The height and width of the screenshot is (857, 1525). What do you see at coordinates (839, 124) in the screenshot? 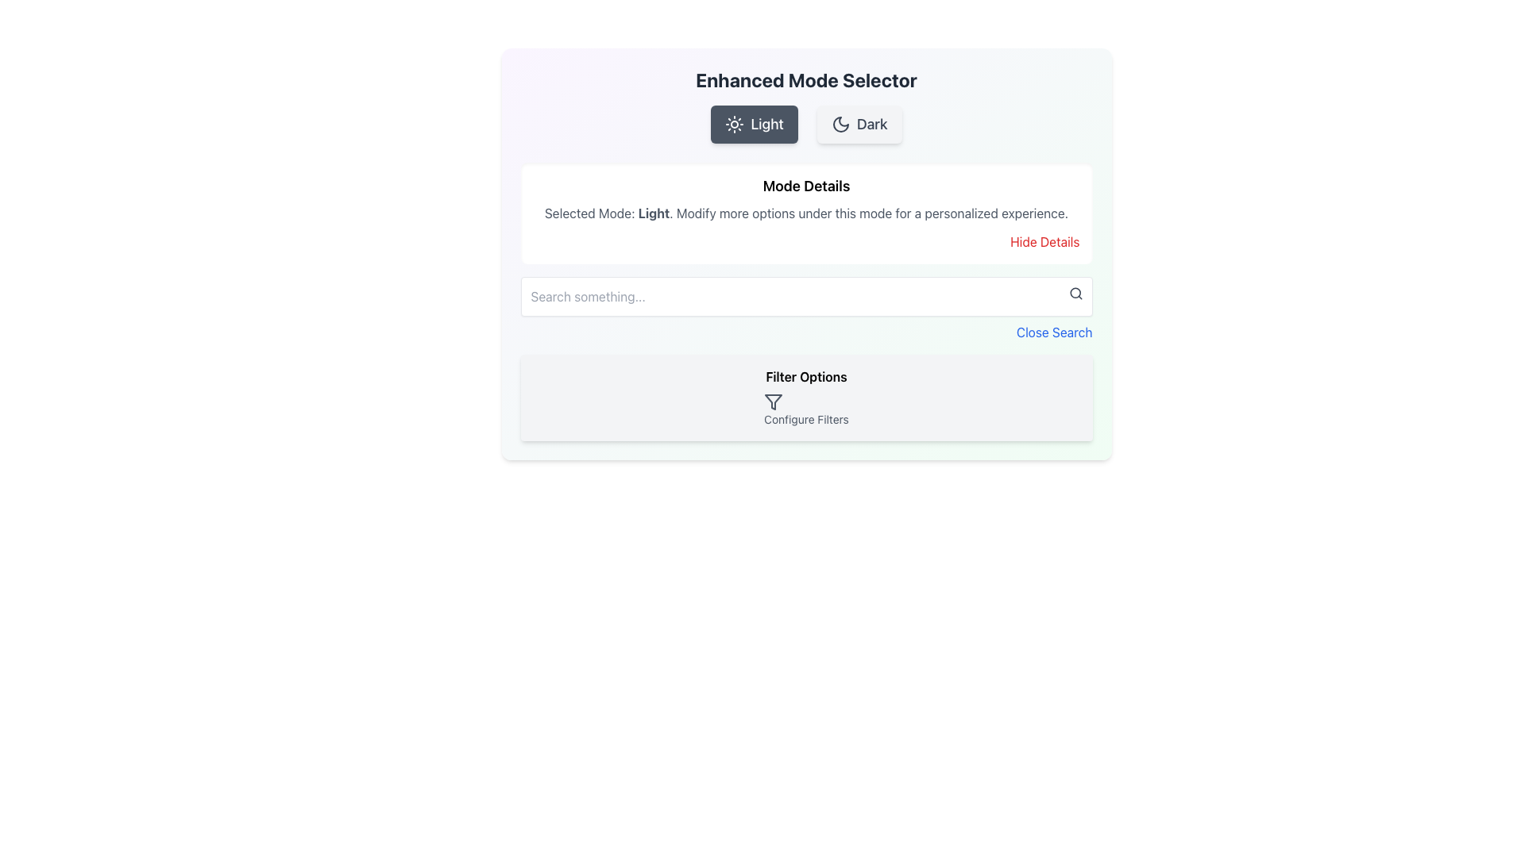
I see `the crescent moon icon located to the left of the 'Dark' label in the 'Enhanced Mode Selector' section` at bounding box center [839, 124].